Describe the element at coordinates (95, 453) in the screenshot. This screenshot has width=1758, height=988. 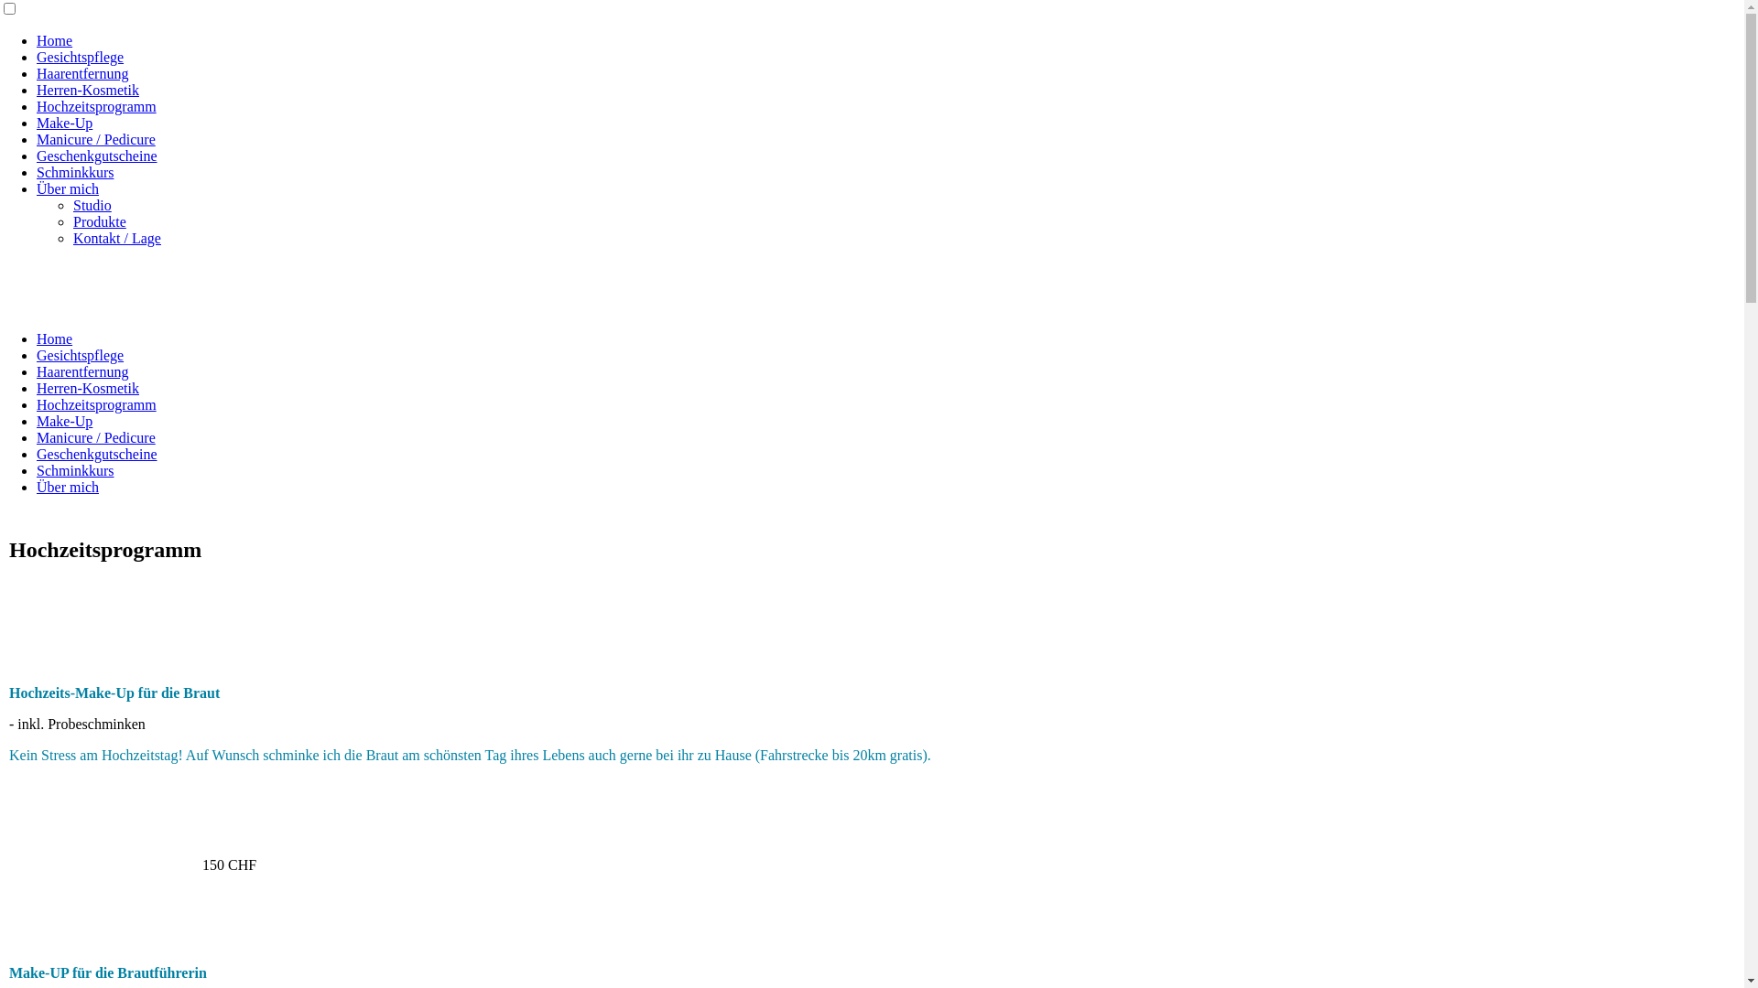
I see `'Geschenkgutscheine'` at that location.